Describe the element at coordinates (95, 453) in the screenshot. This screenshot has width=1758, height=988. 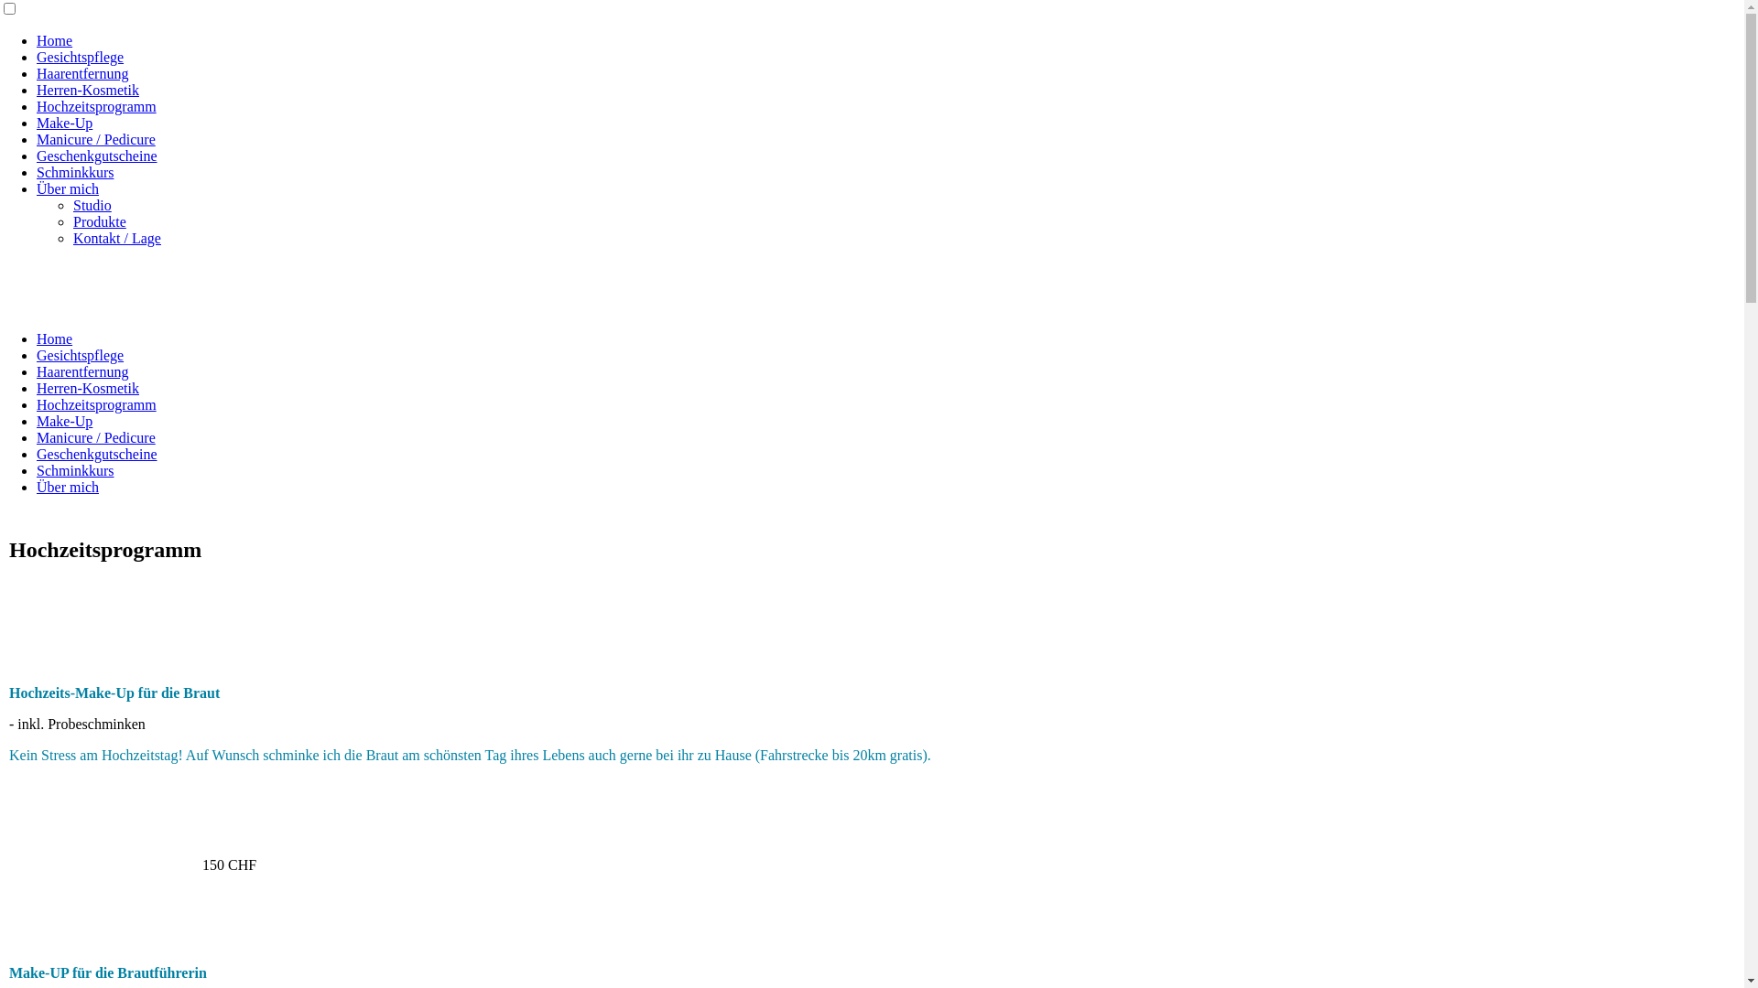
I see `'Geschenkgutscheine'` at that location.